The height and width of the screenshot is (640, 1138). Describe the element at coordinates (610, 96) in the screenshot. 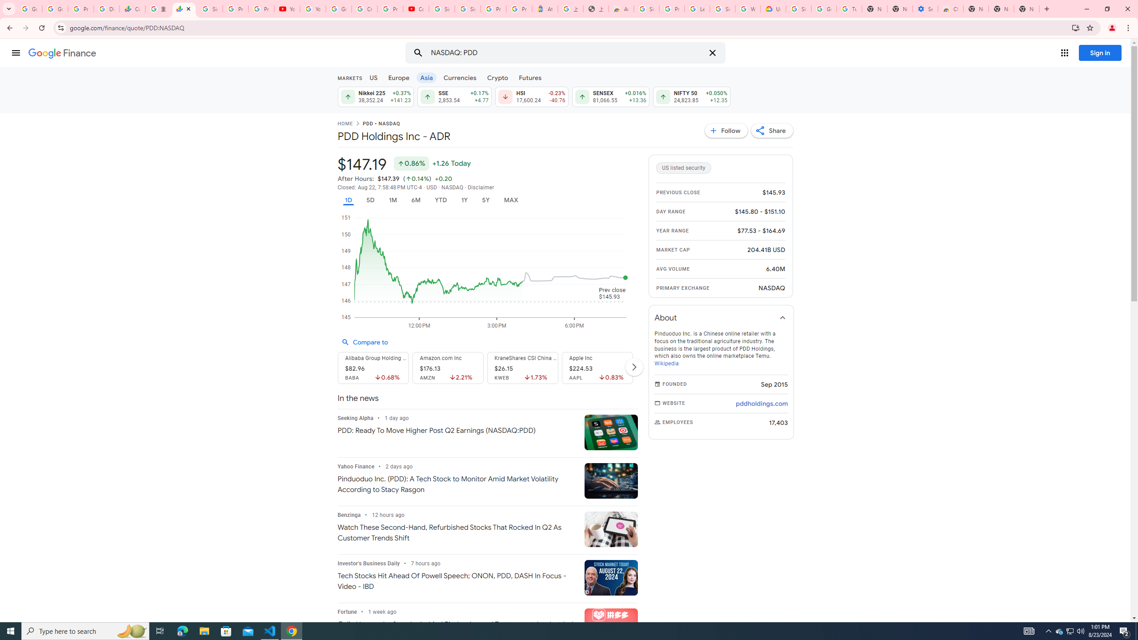

I see `'SENSEX 81,066.55 Down by 0.020% +13.36'` at that location.